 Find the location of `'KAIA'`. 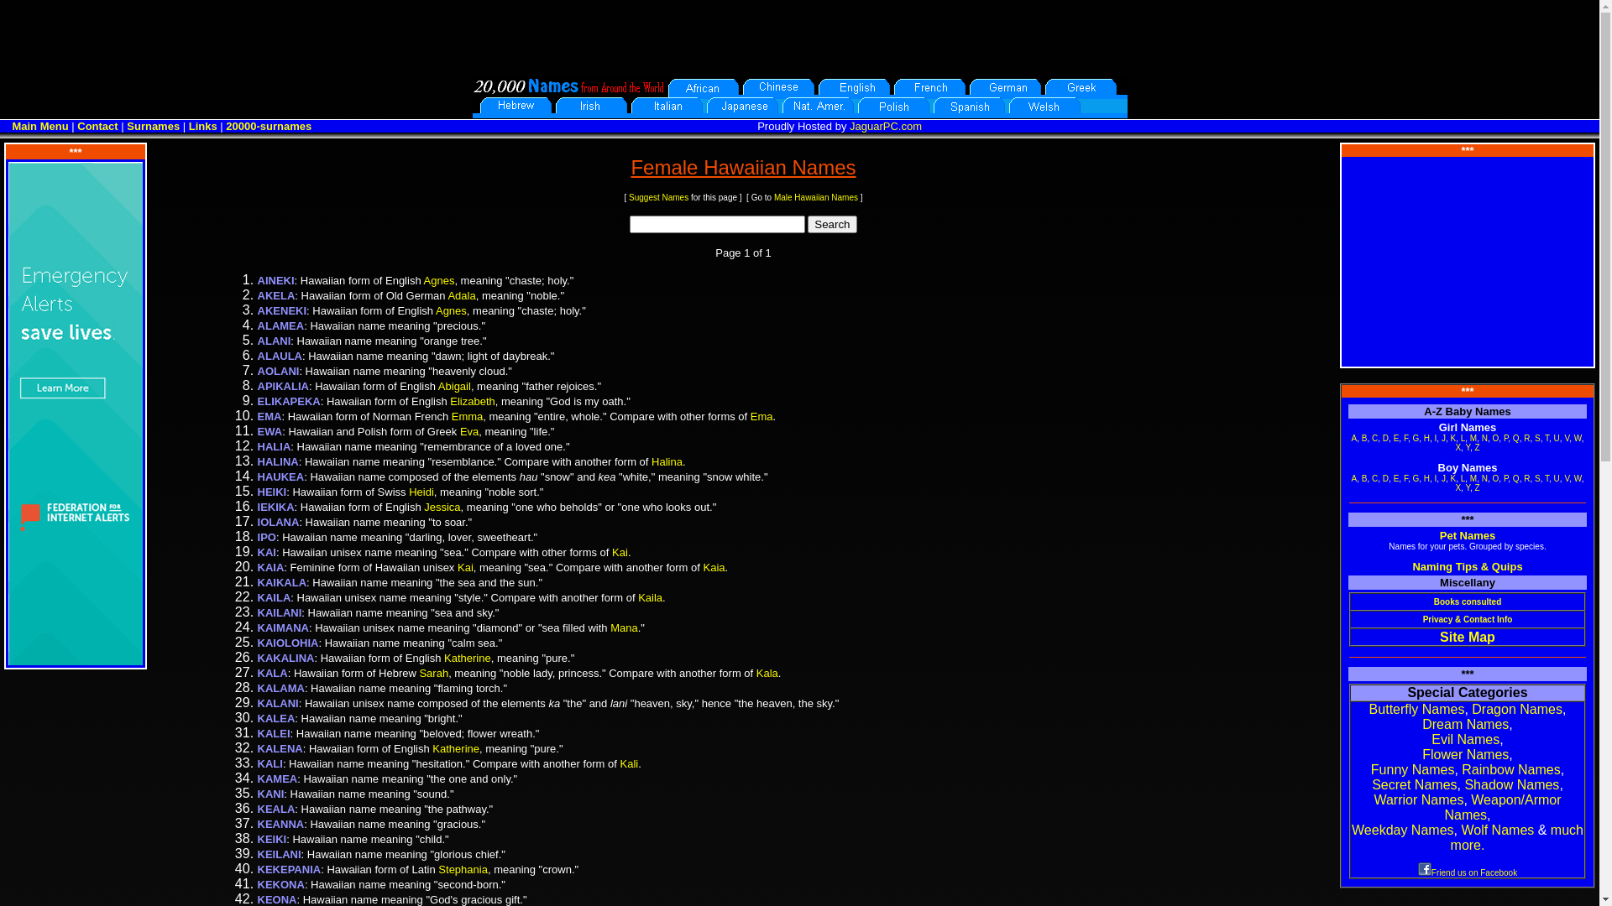

'KAIA' is located at coordinates (270, 566).